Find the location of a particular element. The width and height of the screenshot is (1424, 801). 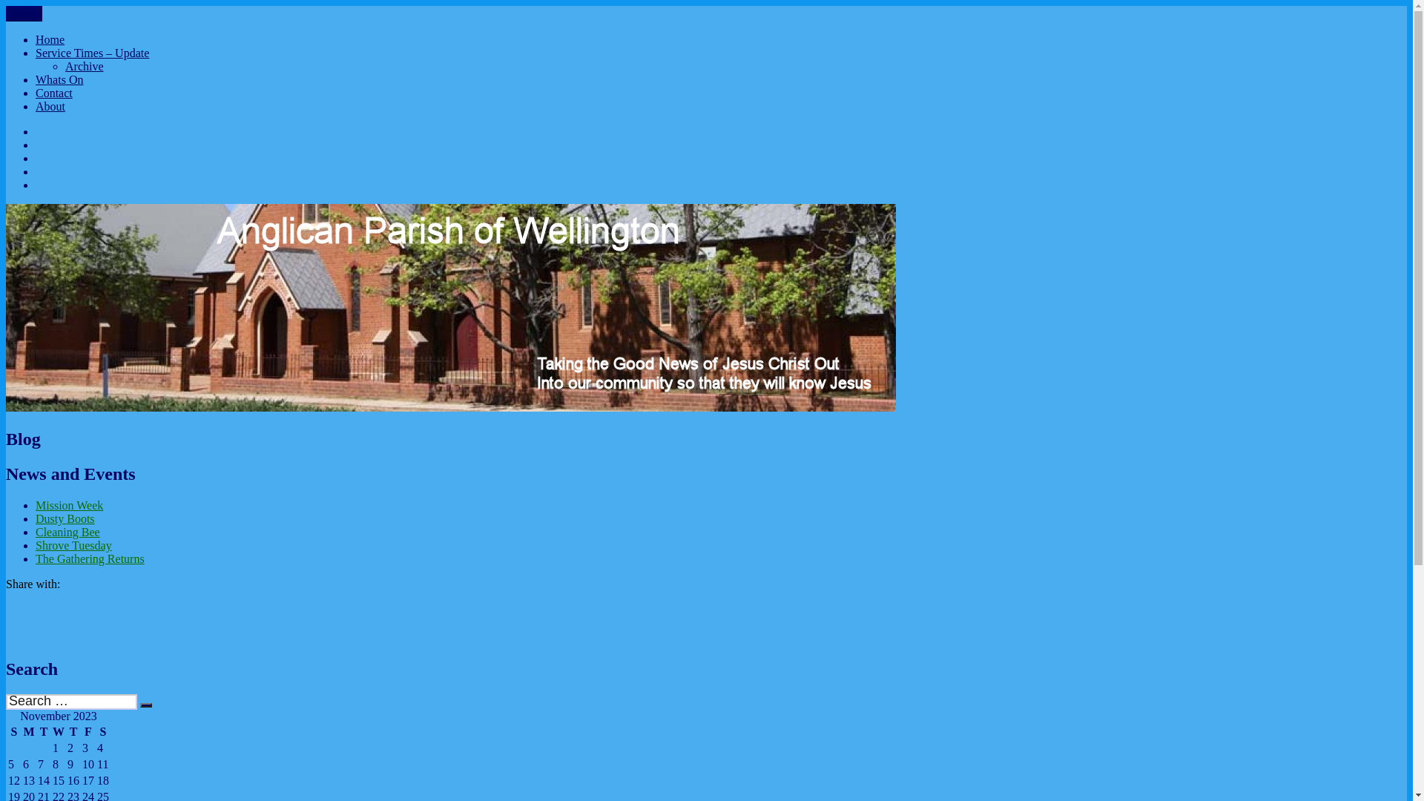

'Archive' is located at coordinates (84, 65).